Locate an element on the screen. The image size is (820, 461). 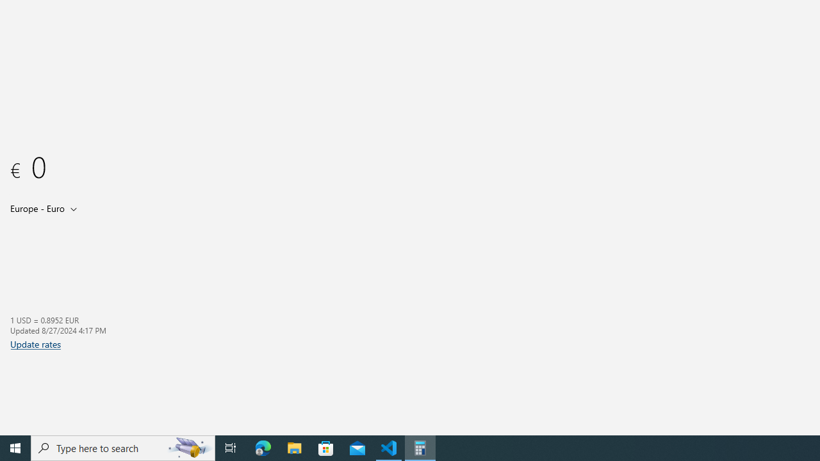
'Europe Euro' is located at coordinates (36, 207).